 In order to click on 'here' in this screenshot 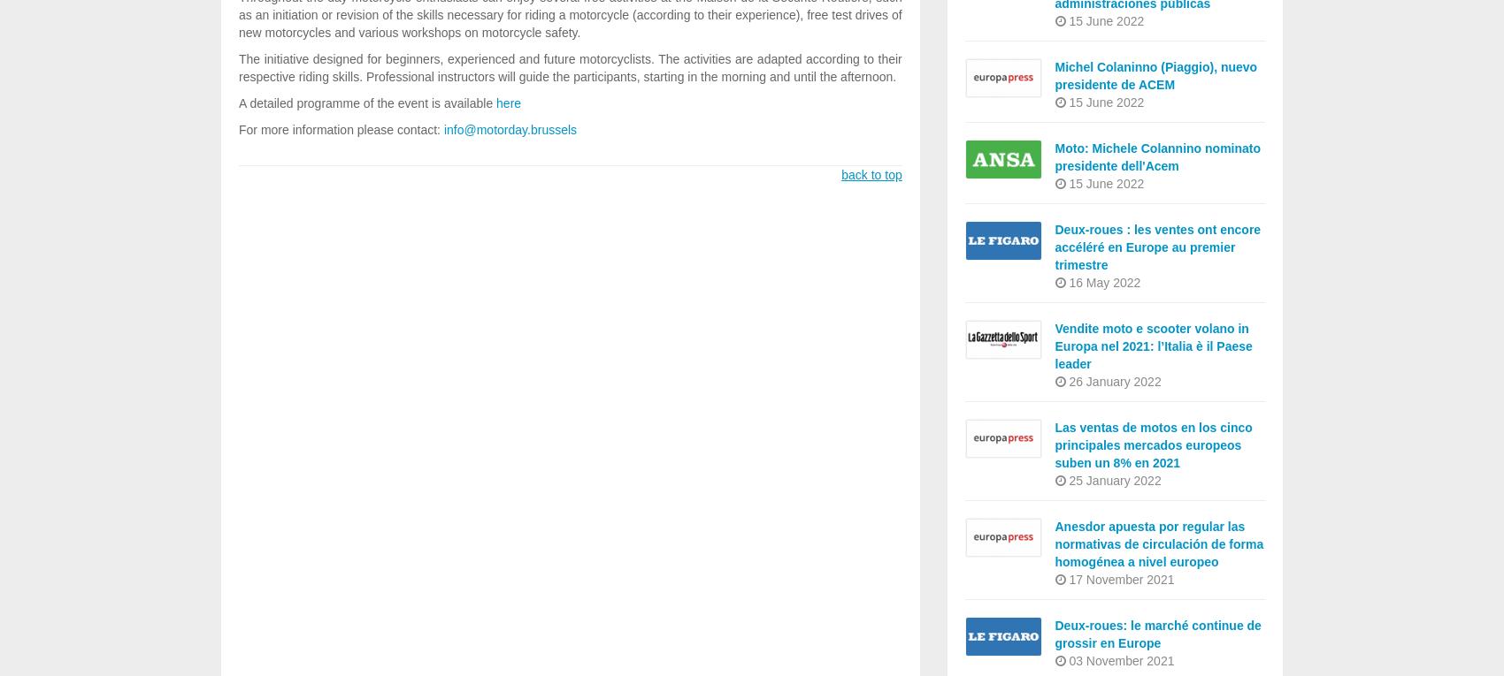, I will do `click(507, 102)`.